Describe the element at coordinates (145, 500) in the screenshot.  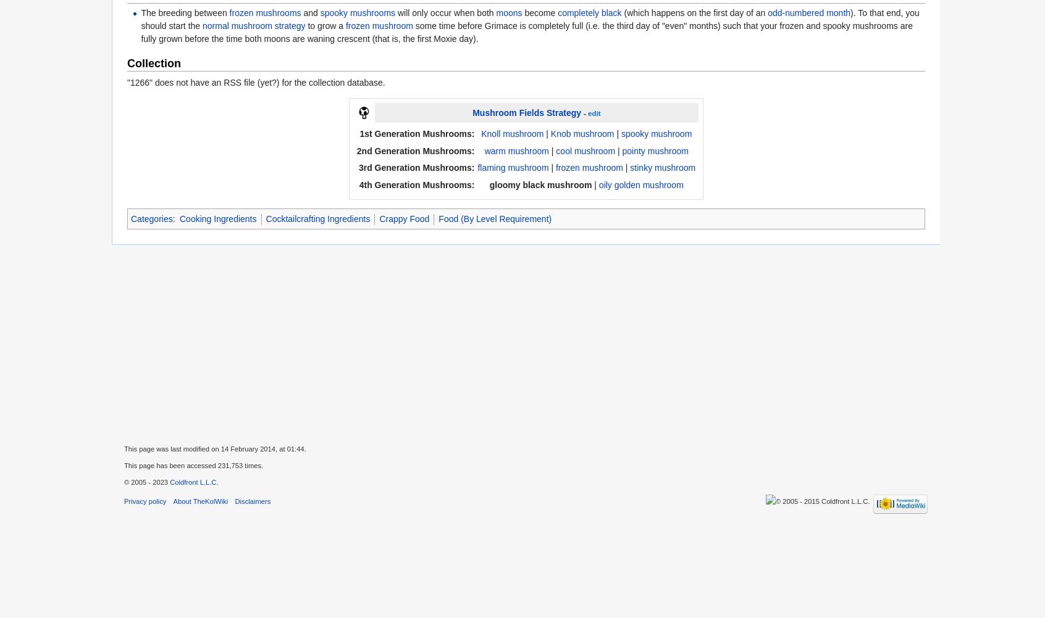
I see `'Privacy policy'` at that location.